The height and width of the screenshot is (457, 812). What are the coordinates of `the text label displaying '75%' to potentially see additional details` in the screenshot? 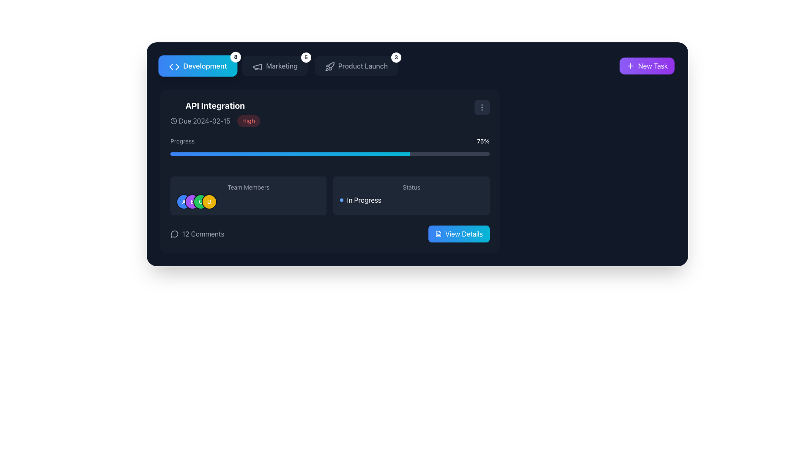 It's located at (483, 141).